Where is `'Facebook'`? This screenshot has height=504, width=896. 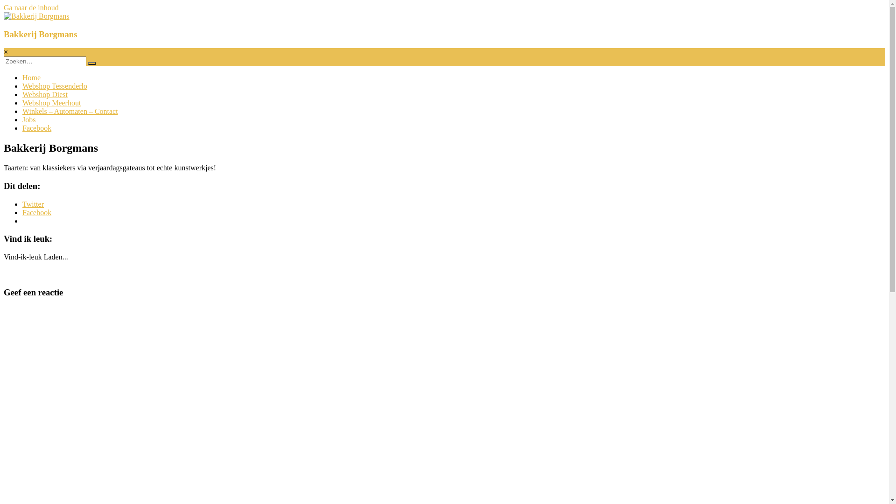 'Facebook' is located at coordinates (36, 212).